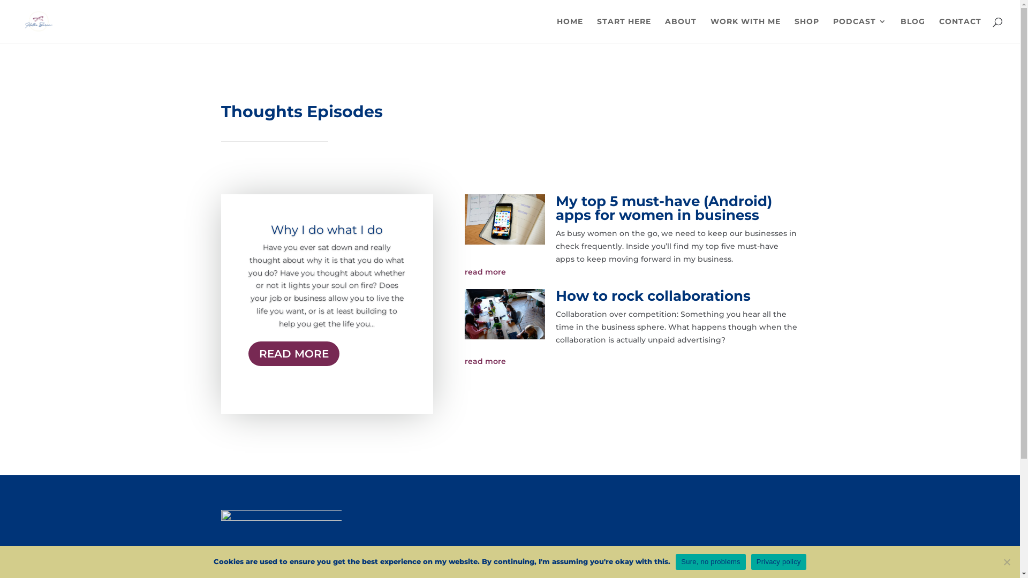  Describe the element at coordinates (960, 29) in the screenshot. I see `'CONTACT'` at that location.